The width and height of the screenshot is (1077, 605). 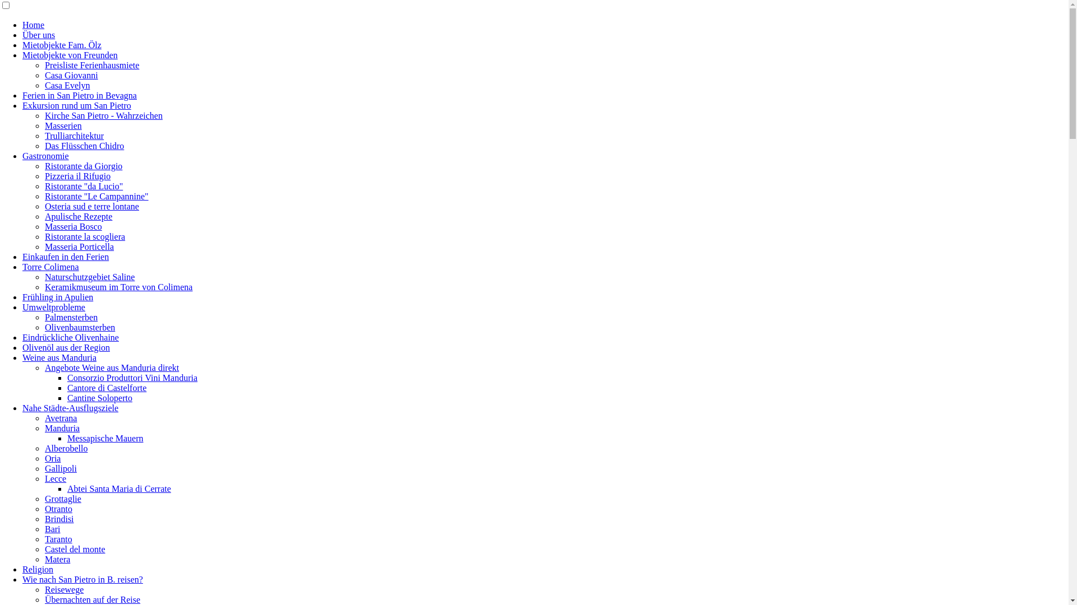 I want to click on 'Einkaufen in den Ferien', so click(x=65, y=257).